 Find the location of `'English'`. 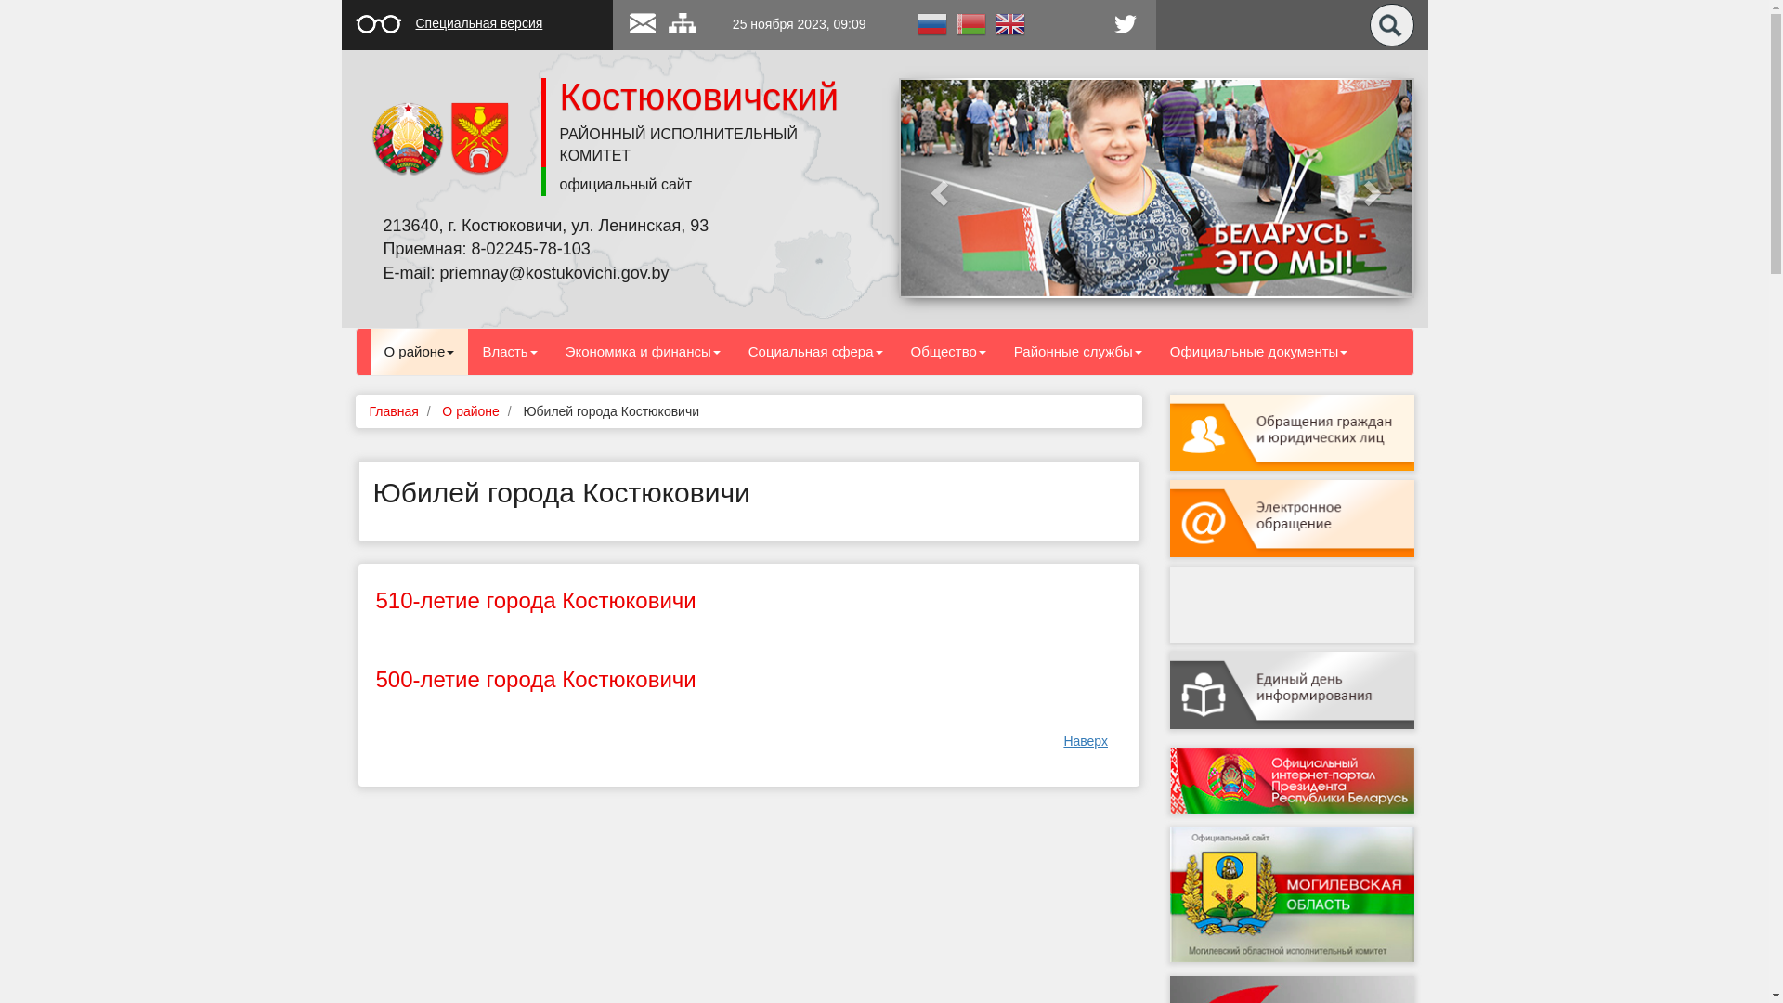

'English' is located at coordinates (1008, 22).